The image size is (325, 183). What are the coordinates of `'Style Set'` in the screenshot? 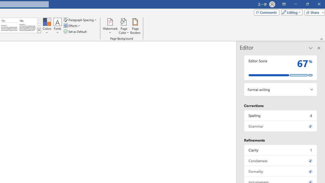 It's located at (39, 30).